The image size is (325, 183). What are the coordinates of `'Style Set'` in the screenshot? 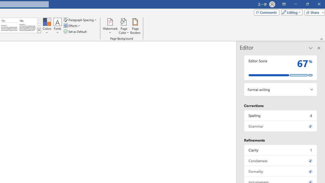 It's located at (39, 30).